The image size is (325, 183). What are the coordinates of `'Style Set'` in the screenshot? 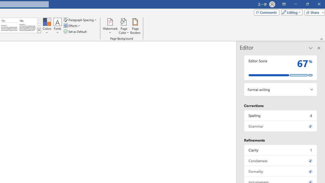 It's located at (39, 30).